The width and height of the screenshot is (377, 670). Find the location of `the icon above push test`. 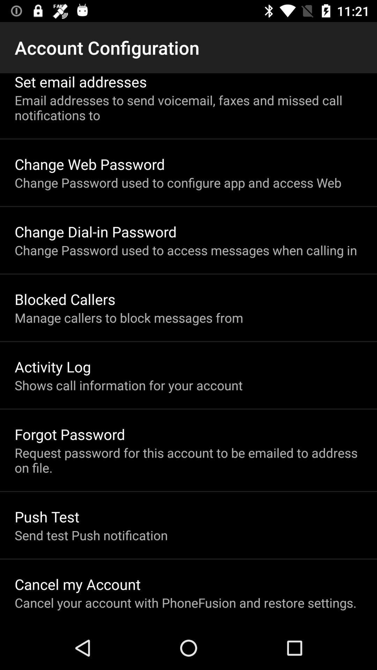

the icon above push test is located at coordinates (188, 460).